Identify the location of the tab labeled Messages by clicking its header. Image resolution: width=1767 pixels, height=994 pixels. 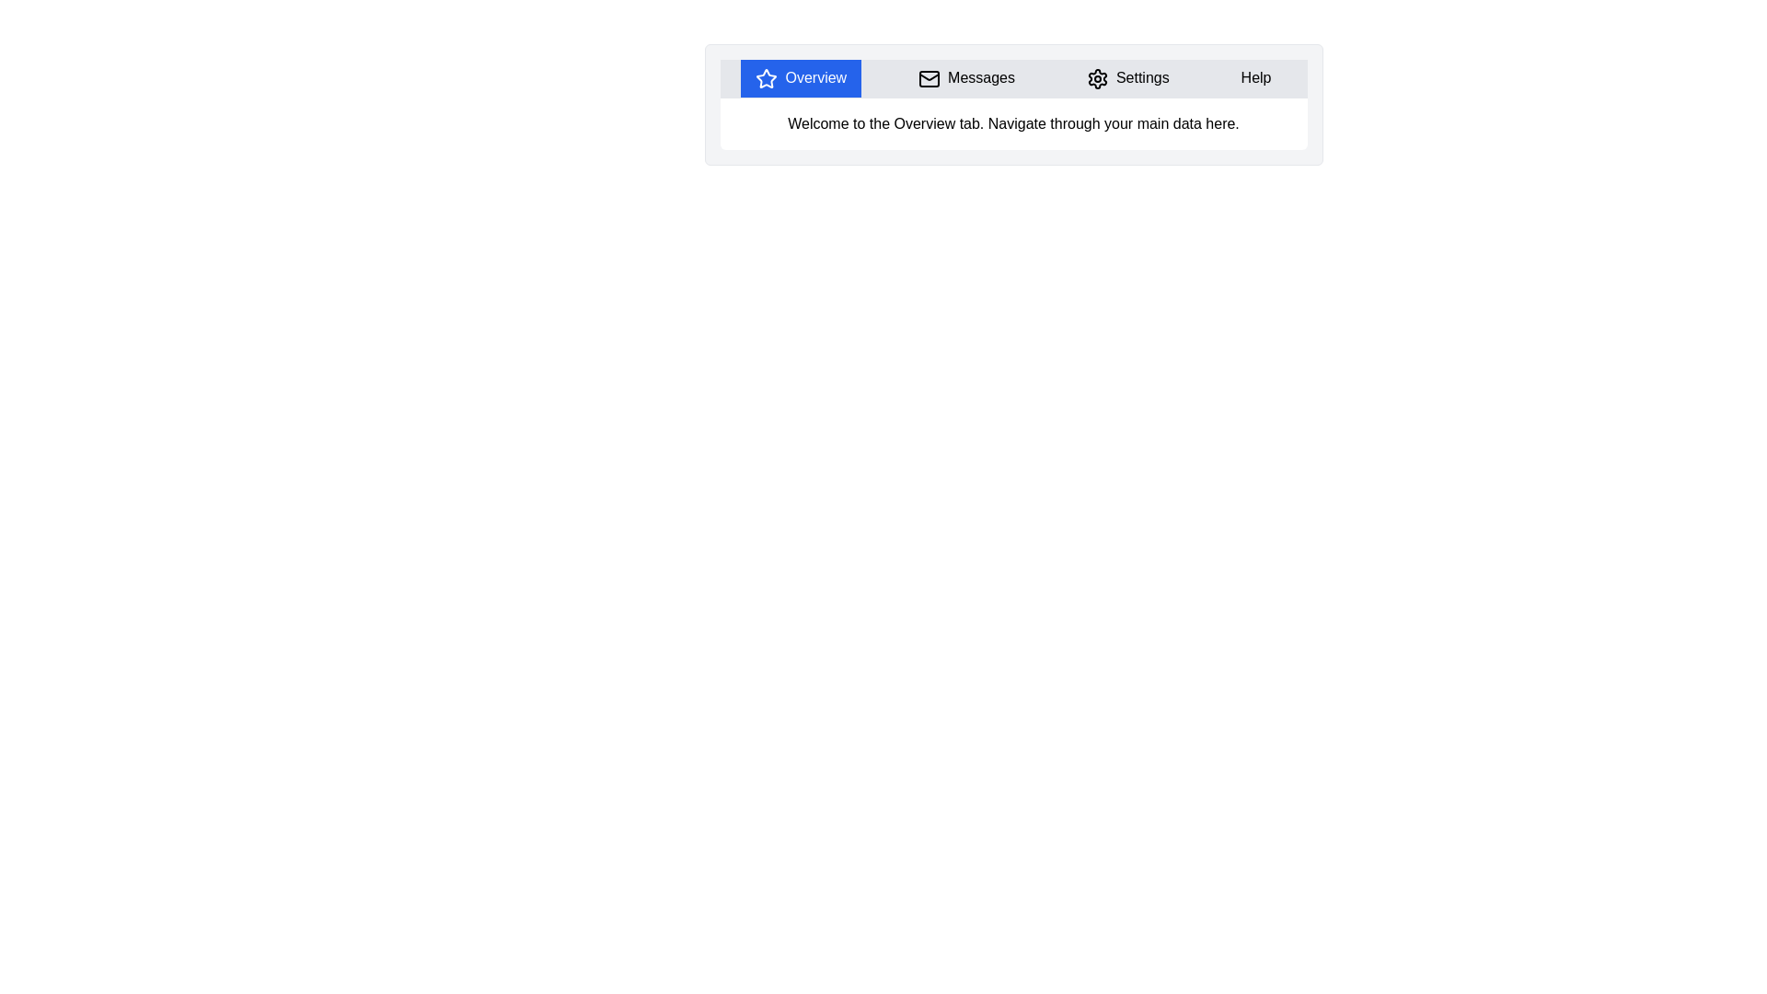
(965, 77).